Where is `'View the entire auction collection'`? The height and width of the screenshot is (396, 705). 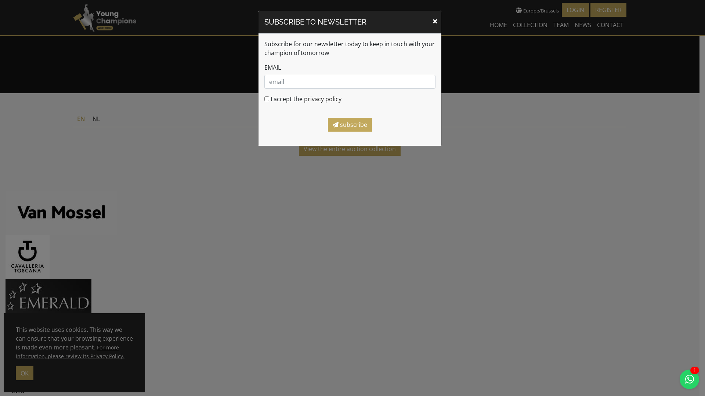
'View the entire auction collection' is located at coordinates (349, 148).